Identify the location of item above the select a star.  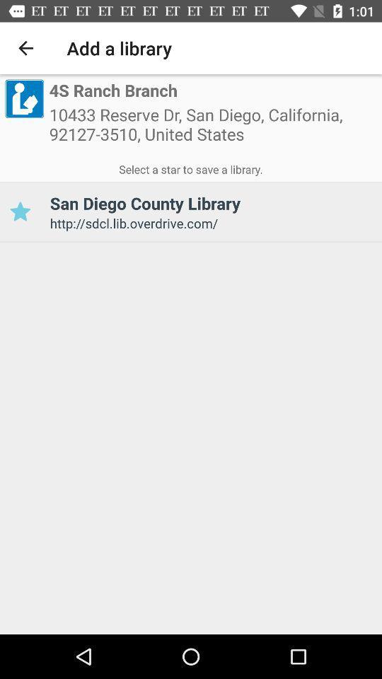
(23, 98).